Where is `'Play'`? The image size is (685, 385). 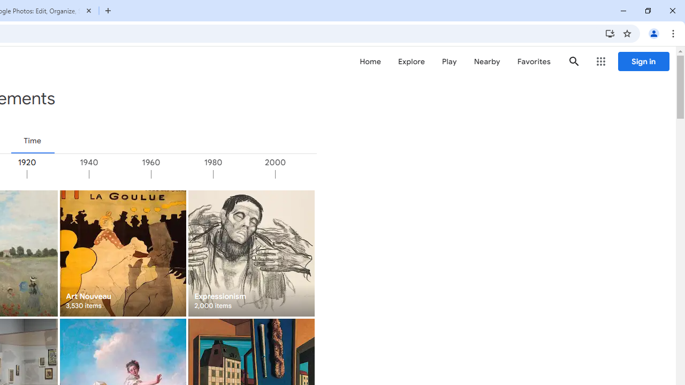 'Play' is located at coordinates (450, 61).